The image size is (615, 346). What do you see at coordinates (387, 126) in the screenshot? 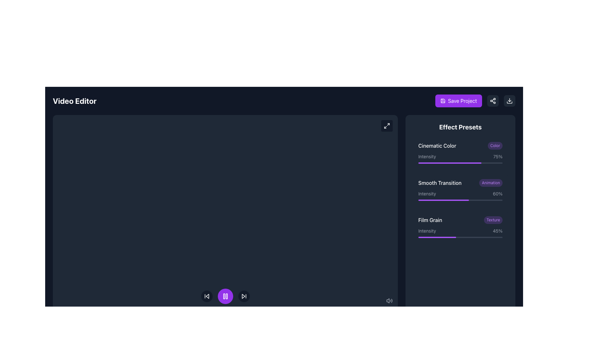
I see `the maximize icon located in the top-right area of the main editor interface` at bounding box center [387, 126].